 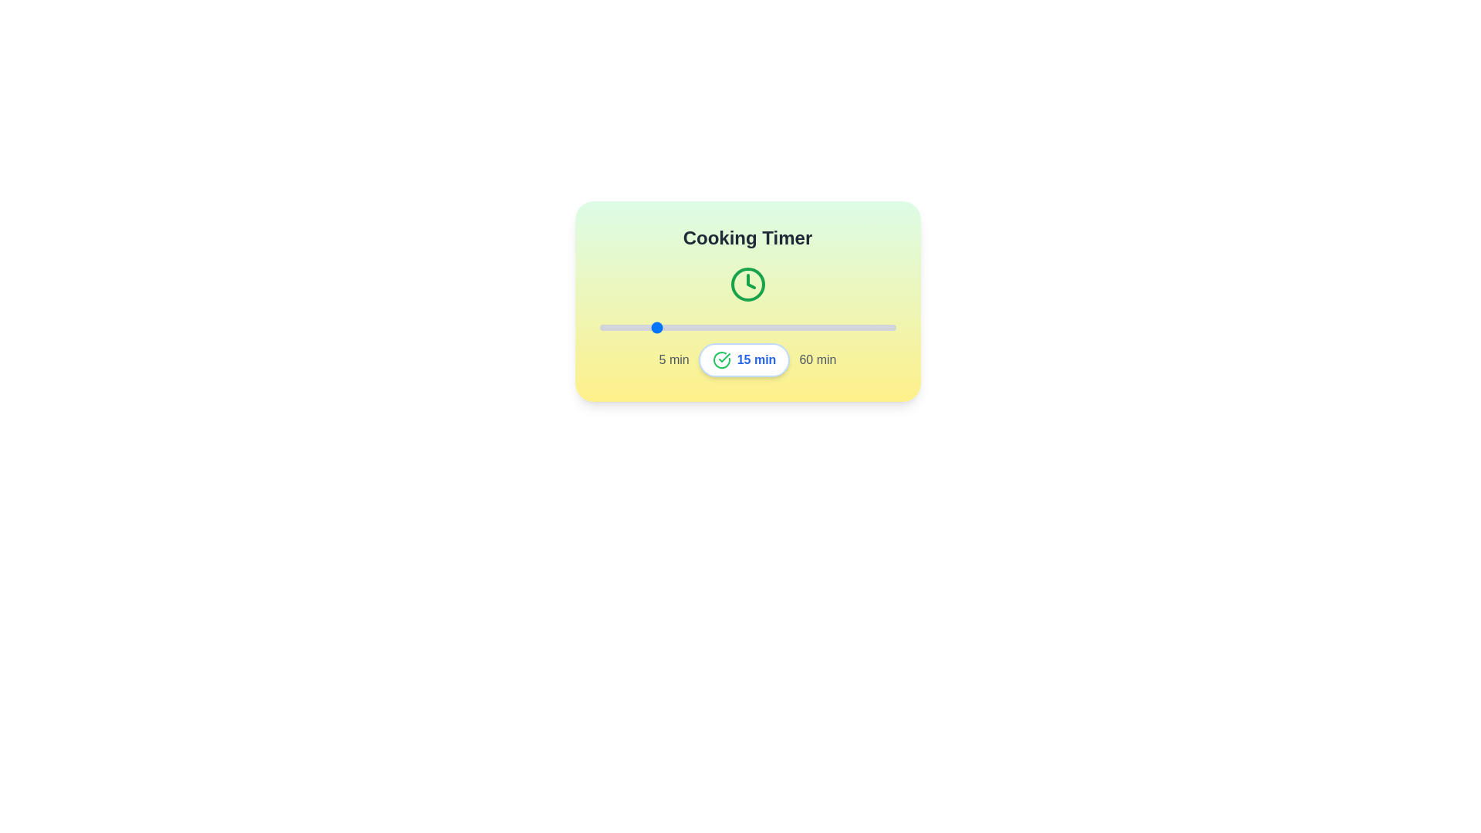 What do you see at coordinates (674, 359) in the screenshot?
I see `the Text label displaying '5 minutes', which is the first option in a horizontal arrangement of time options below a slider component` at bounding box center [674, 359].